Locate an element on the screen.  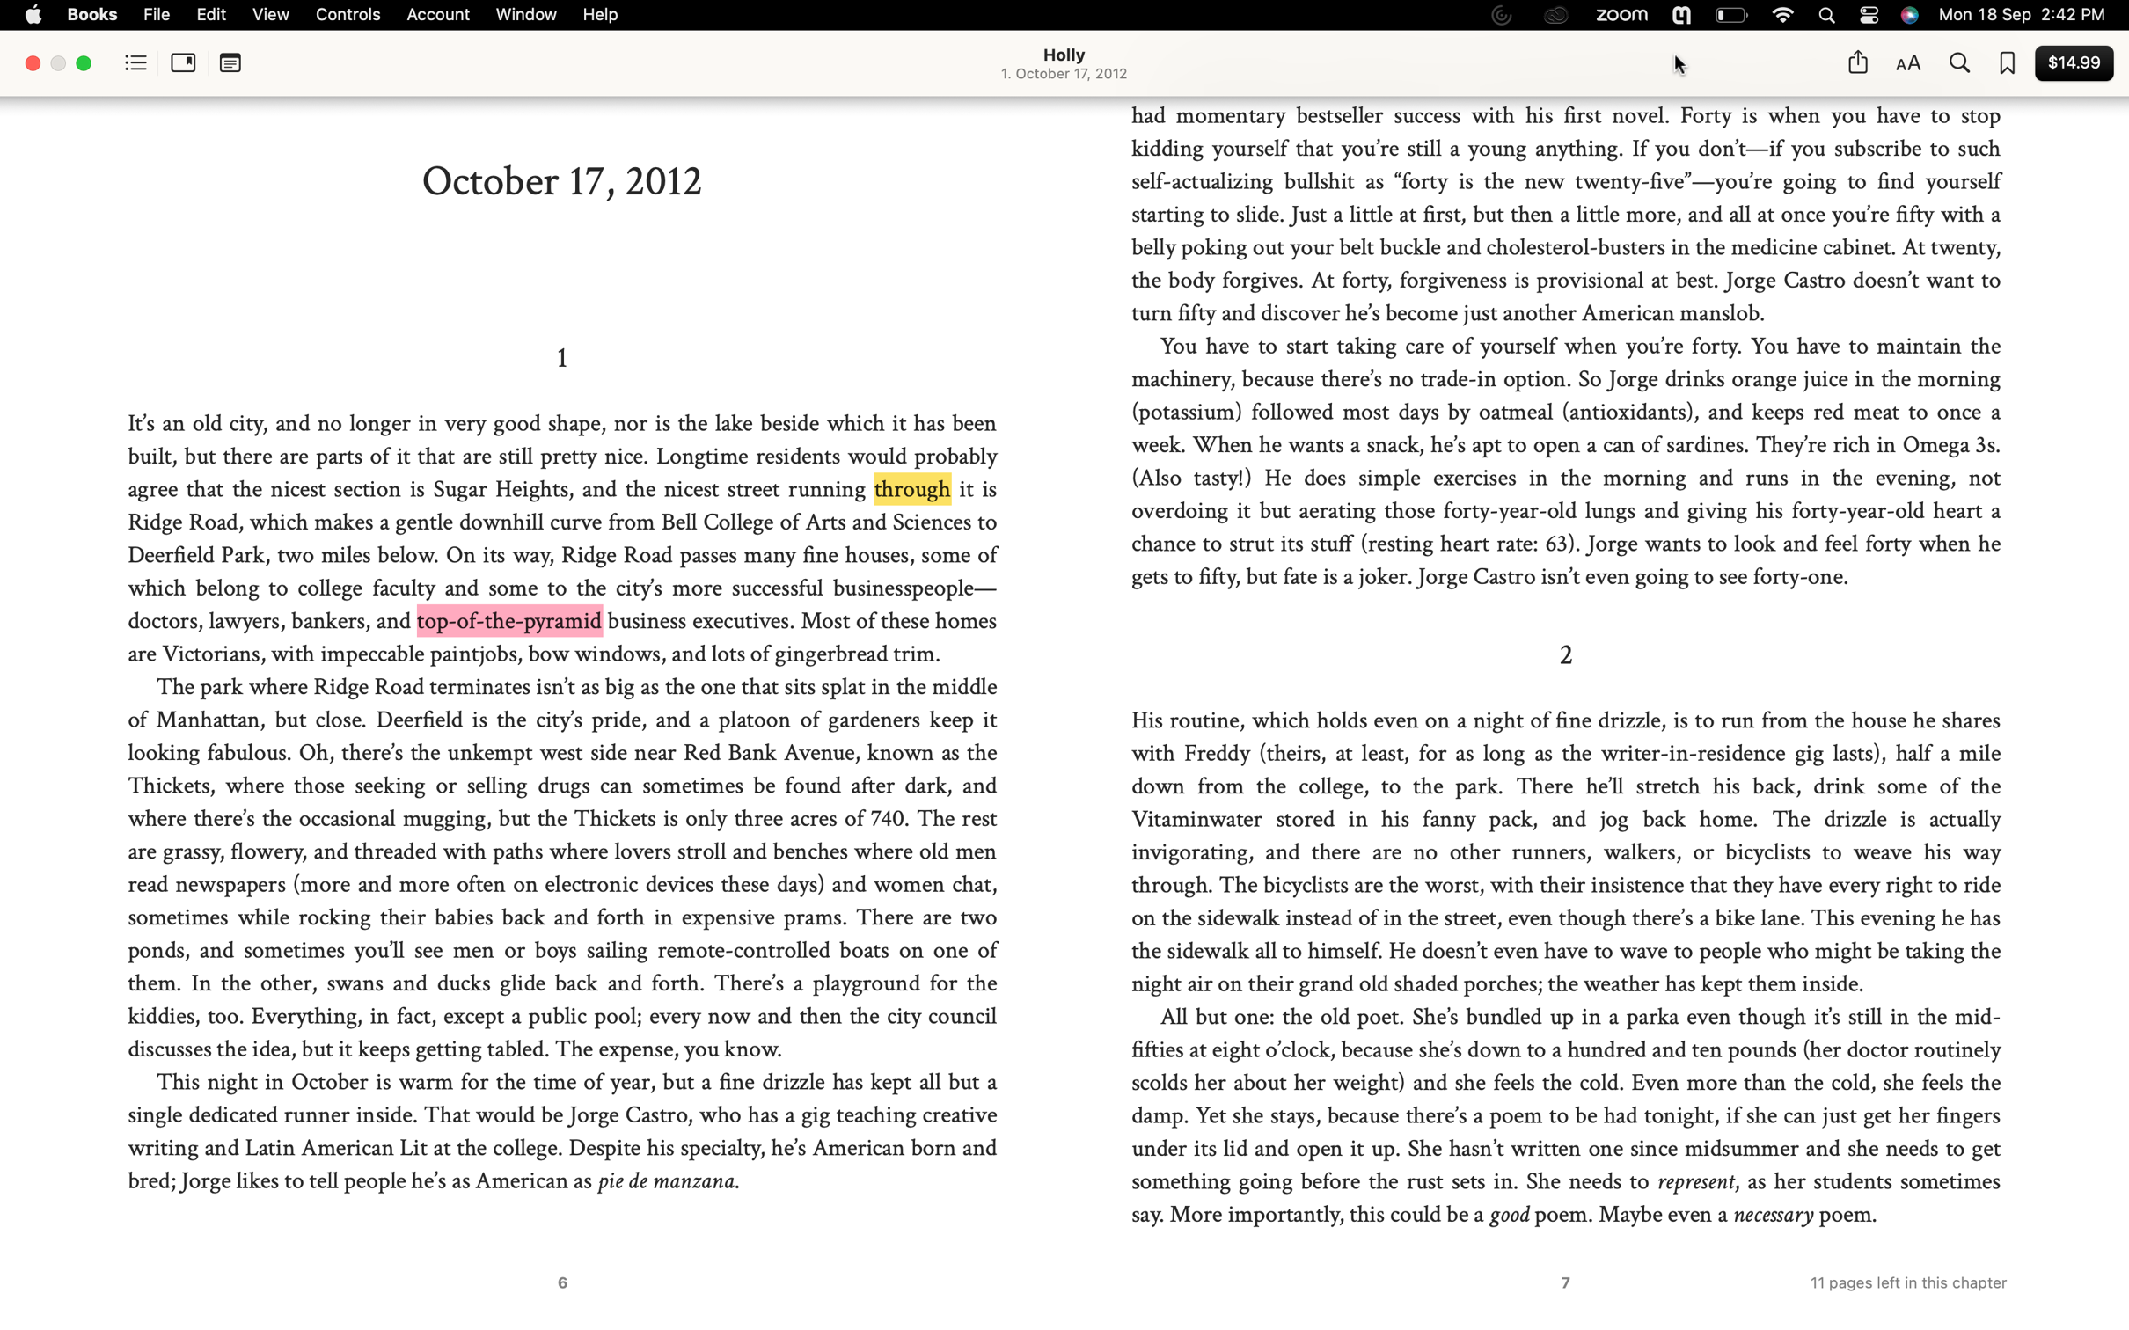
Buy the current book is located at coordinates (2072, 62).